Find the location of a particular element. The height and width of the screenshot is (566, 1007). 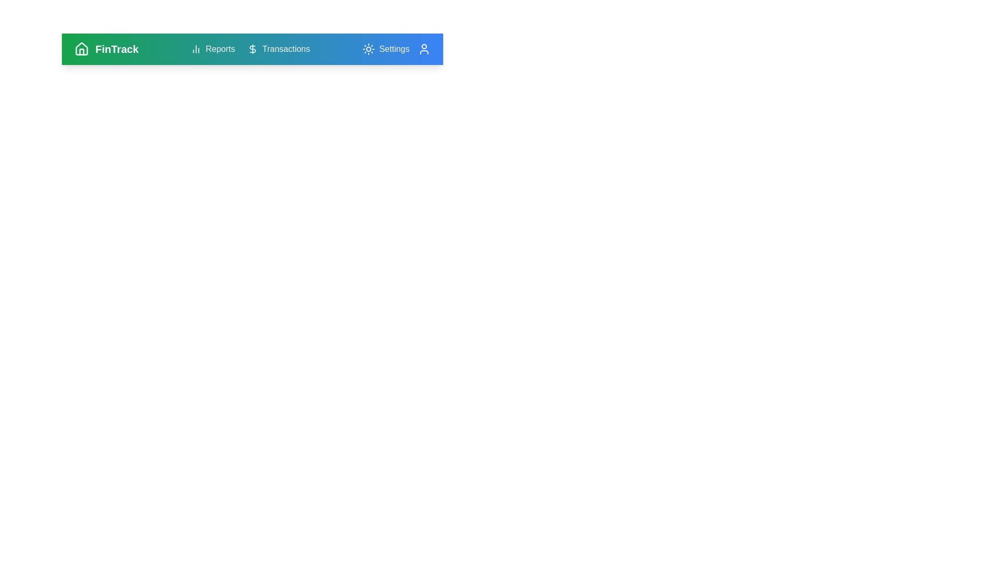

the 'Settings' button to navigate to the Settings section is located at coordinates (385, 49).